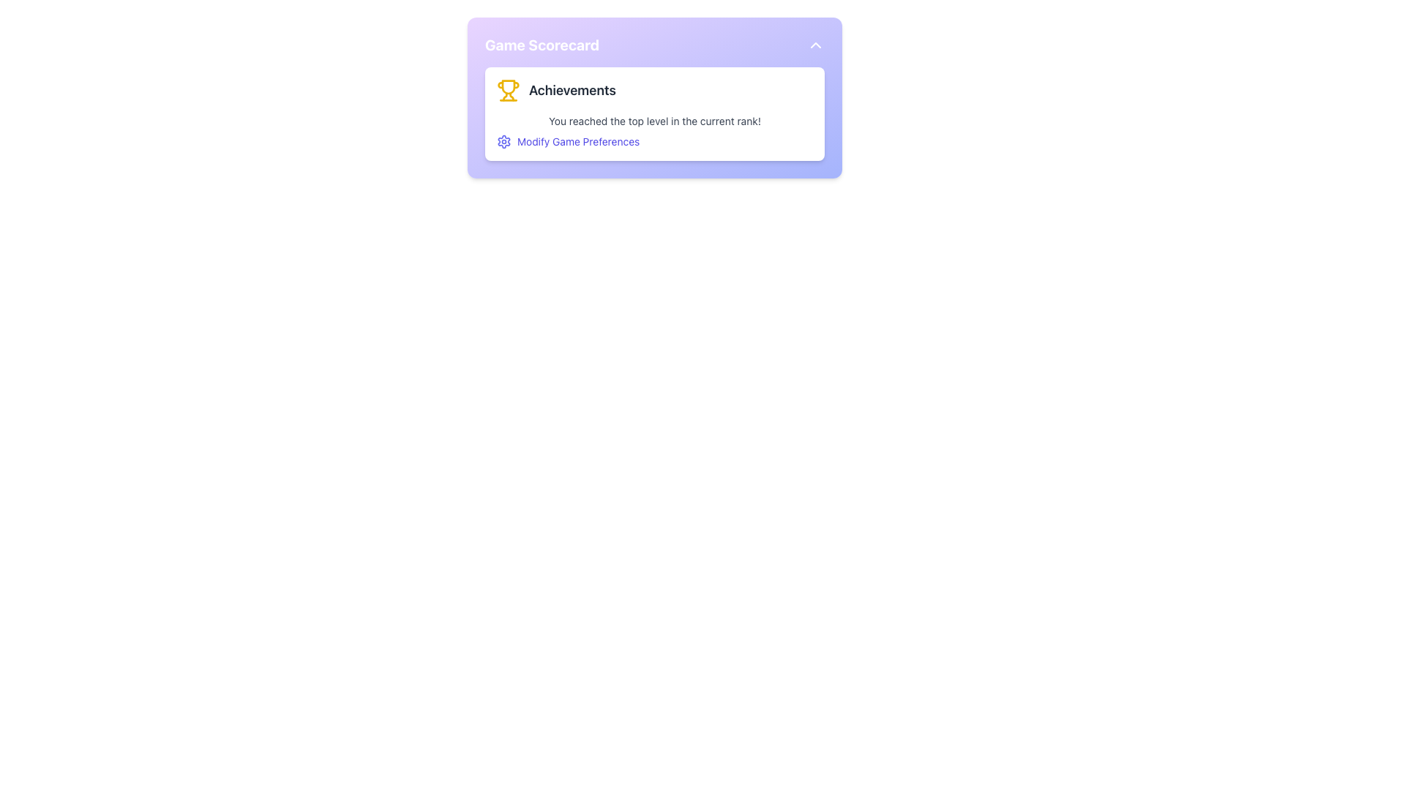  Describe the element at coordinates (542, 44) in the screenshot. I see `title 'Game Scorecard' displayed in bold, large white text on a purple header background at the top of the card-like component` at that location.